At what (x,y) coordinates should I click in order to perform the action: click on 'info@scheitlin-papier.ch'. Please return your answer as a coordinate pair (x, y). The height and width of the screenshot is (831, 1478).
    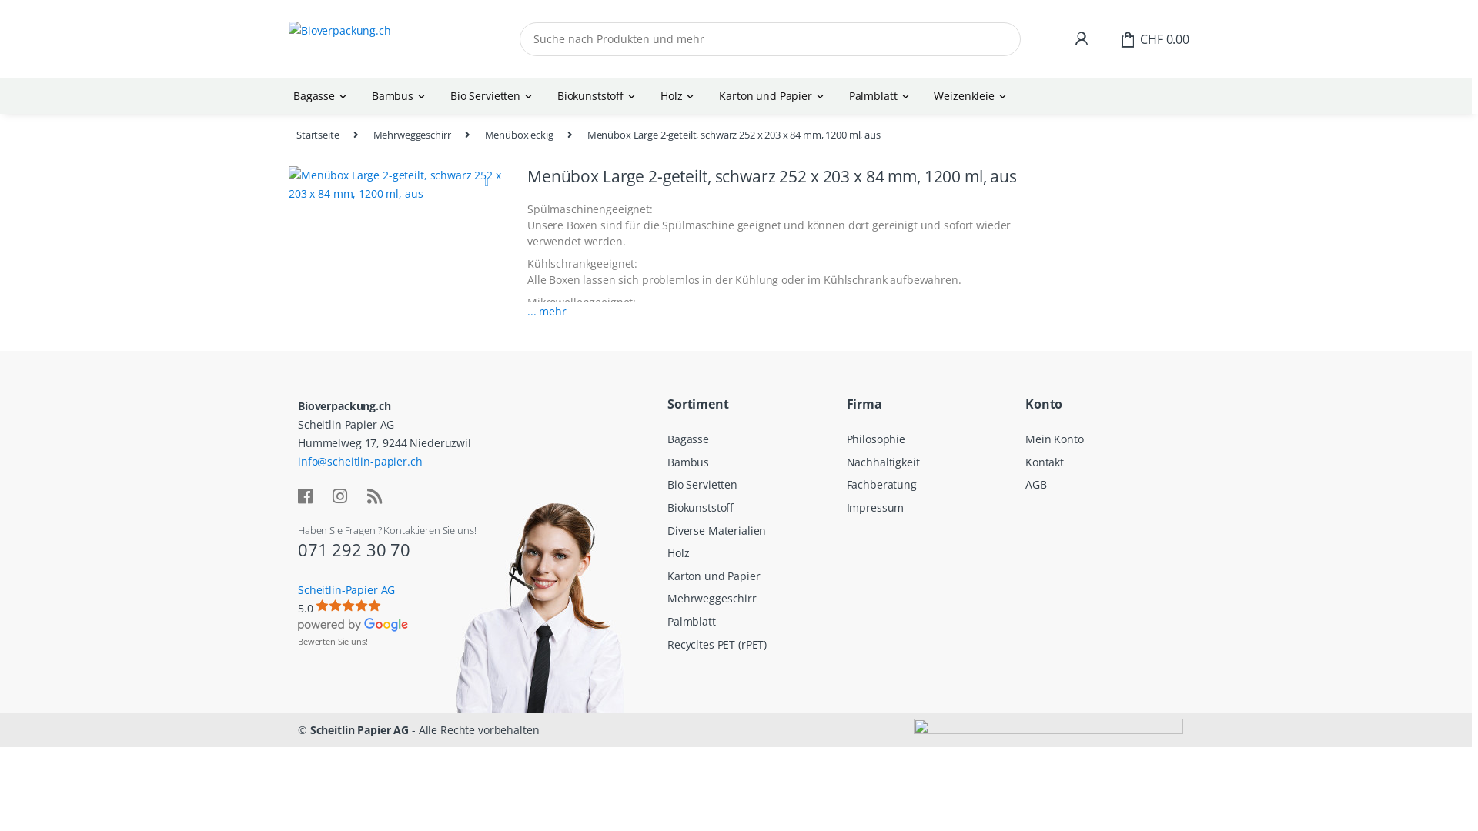
    Looking at the image, I should click on (298, 460).